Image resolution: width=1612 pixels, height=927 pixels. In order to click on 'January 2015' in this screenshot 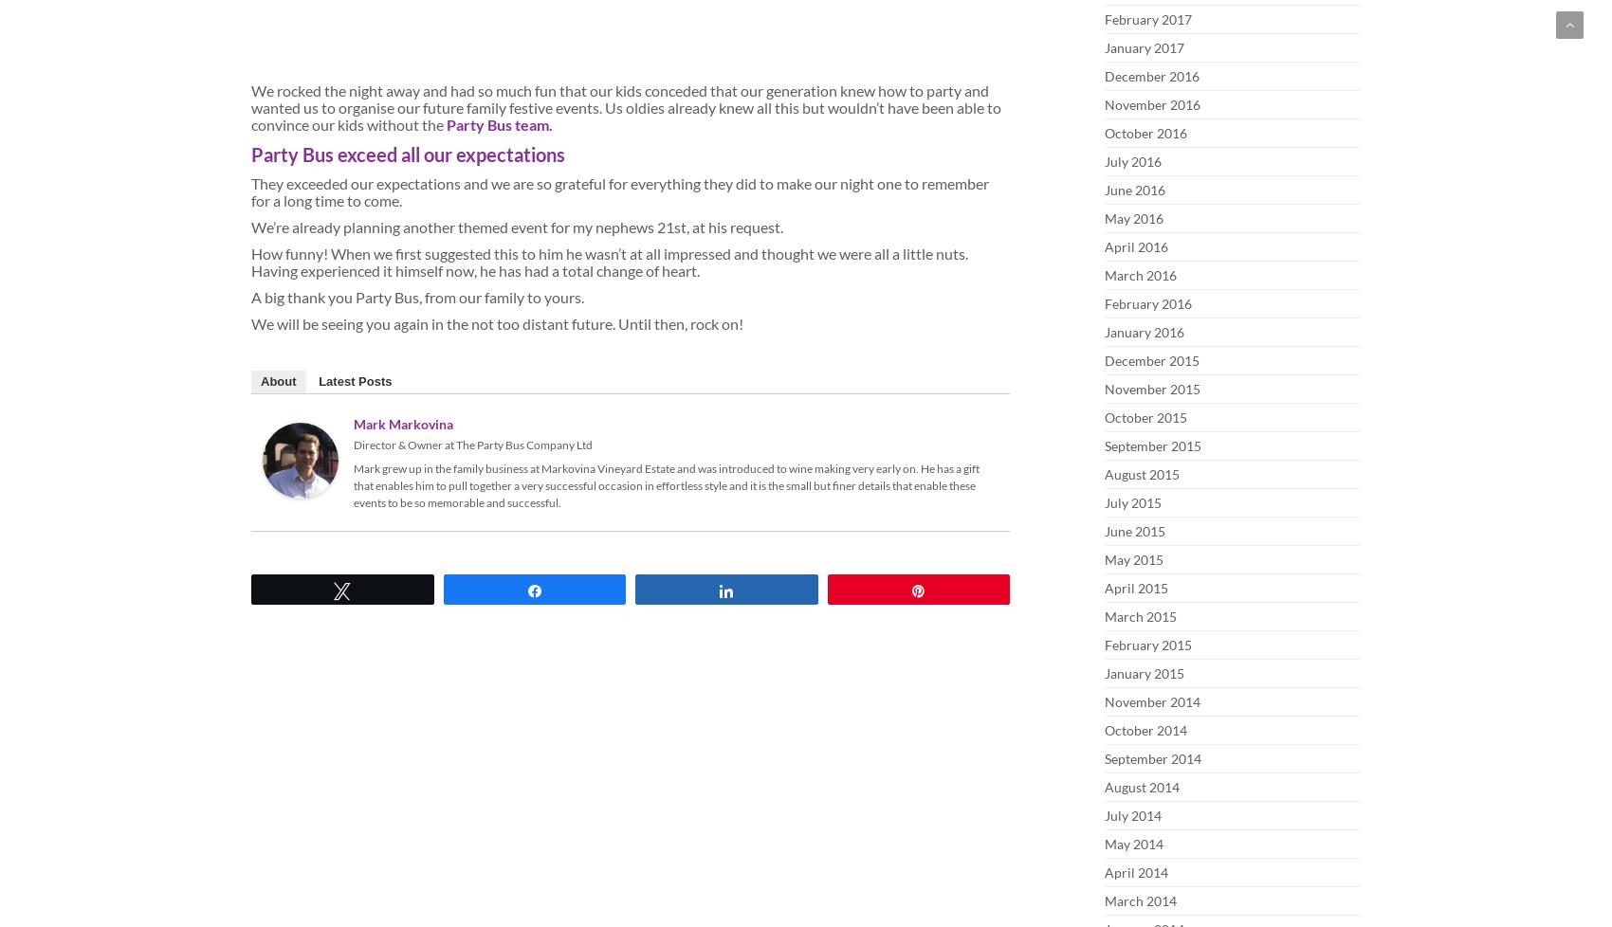, I will do `click(1144, 673)`.